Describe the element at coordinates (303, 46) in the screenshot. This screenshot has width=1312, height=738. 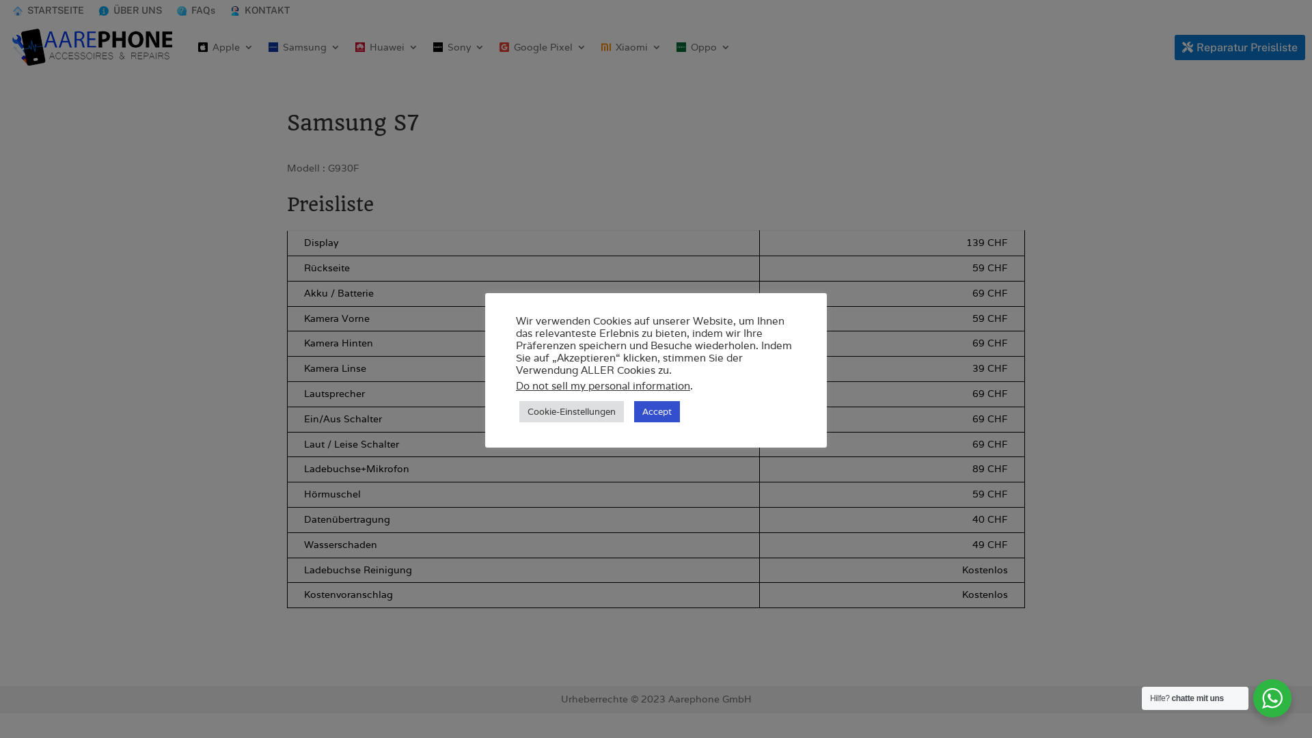
I see `'Samsung'` at that location.